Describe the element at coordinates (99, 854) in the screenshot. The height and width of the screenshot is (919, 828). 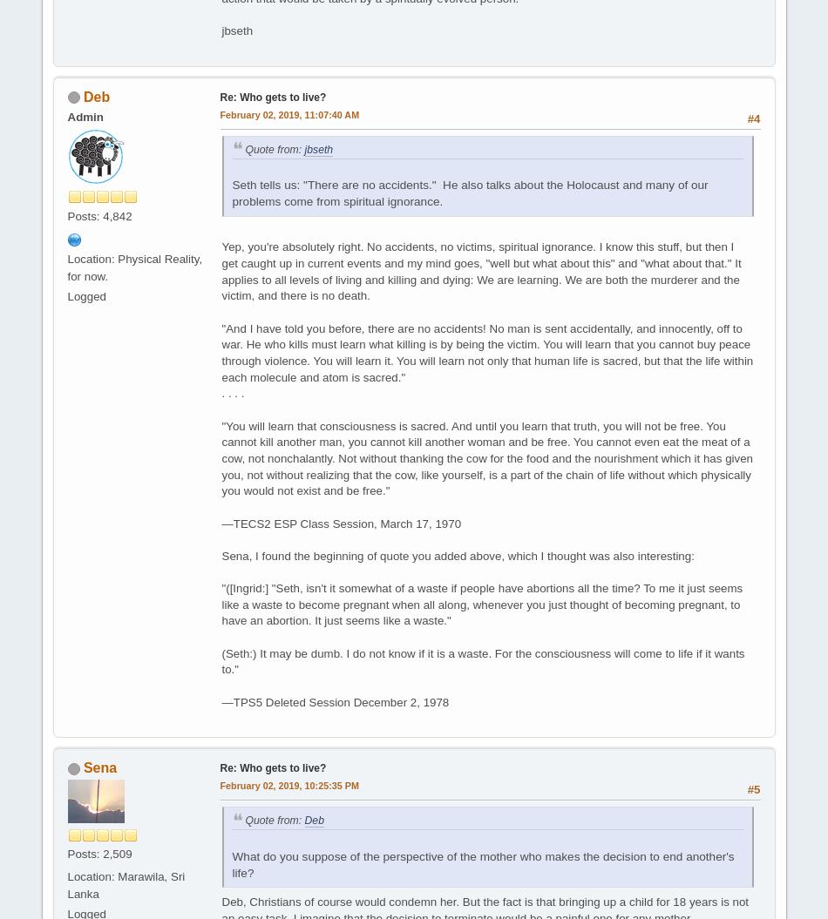
I see `'Posts: 2,509'` at that location.